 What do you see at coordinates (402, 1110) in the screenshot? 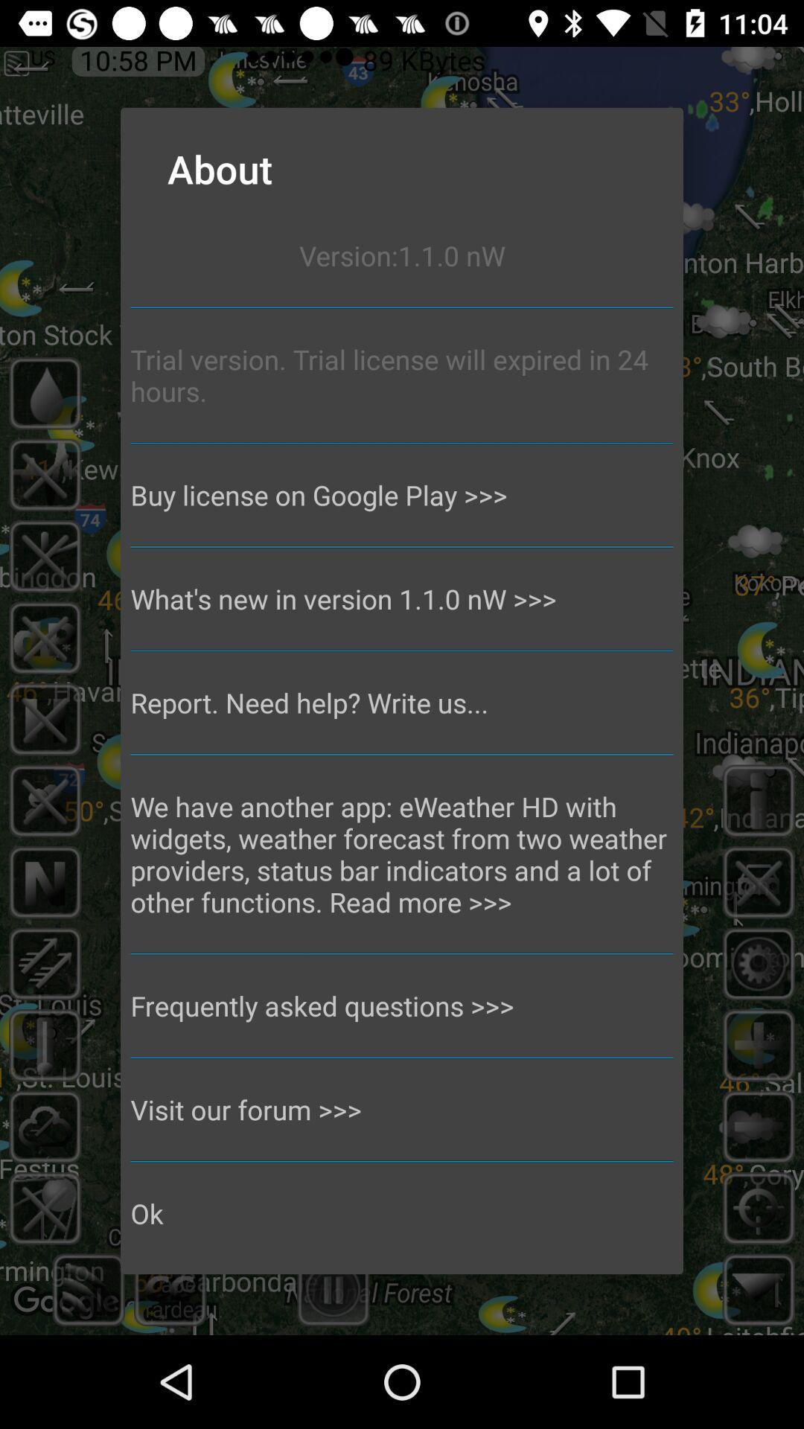
I see `visit our forum >>> icon` at bounding box center [402, 1110].